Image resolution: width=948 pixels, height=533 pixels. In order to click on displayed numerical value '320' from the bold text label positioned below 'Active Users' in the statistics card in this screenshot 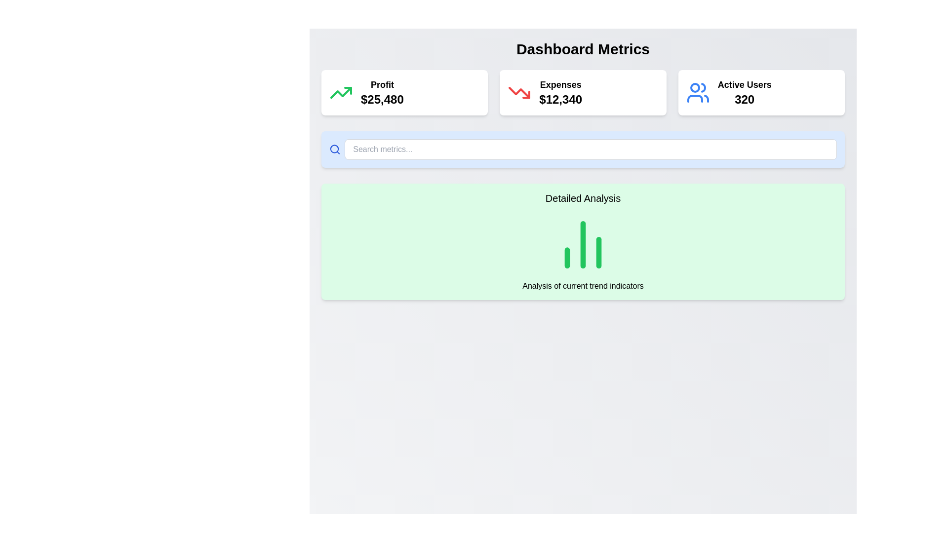, I will do `click(745, 99)`.